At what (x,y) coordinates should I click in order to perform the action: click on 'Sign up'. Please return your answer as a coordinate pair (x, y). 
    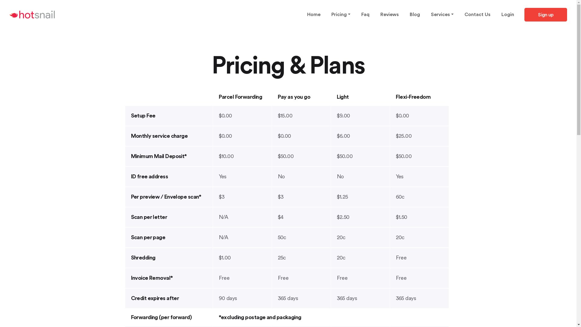
    Looking at the image, I should click on (546, 14).